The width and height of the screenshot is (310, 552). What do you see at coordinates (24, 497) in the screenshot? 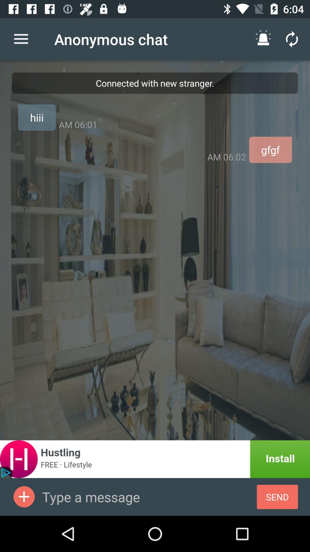
I see `contact to send message` at bounding box center [24, 497].